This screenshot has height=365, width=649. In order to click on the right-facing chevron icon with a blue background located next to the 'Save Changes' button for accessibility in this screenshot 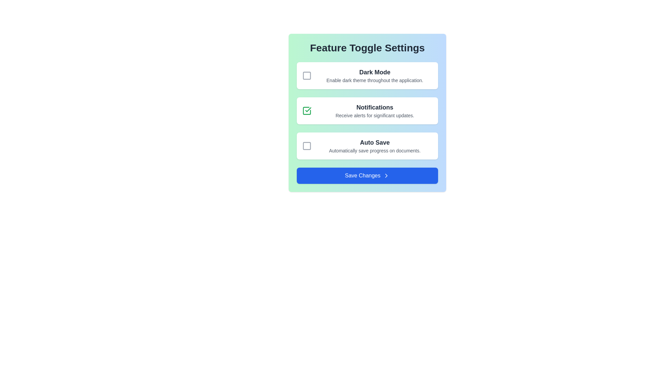, I will do `click(386, 175)`.